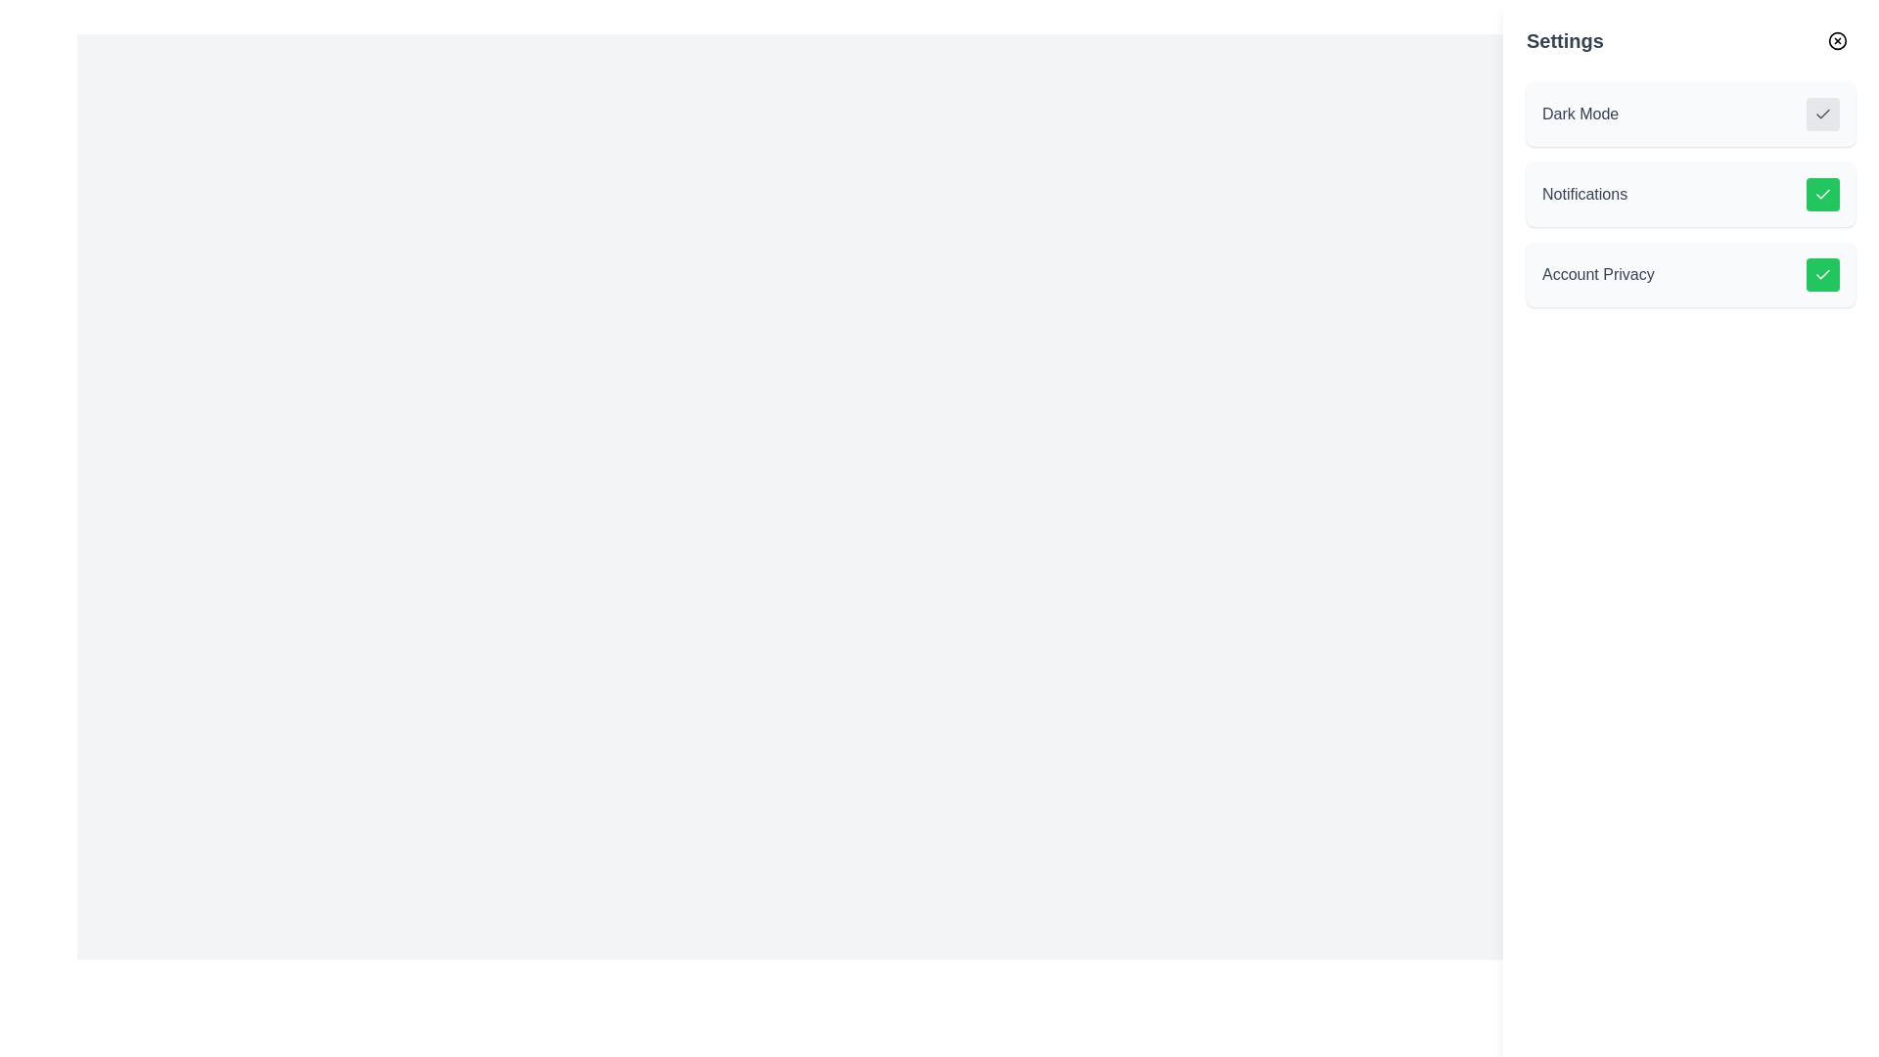 Image resolution: width=1879 pixels, height=1057 pixels. I want to click on the checkmark icon indicating that the 'Notifications' setting is currently enabled, located between the 'Dark Mode' and 'Account Privacy' rows in the settings panel, so click(1821, 195).